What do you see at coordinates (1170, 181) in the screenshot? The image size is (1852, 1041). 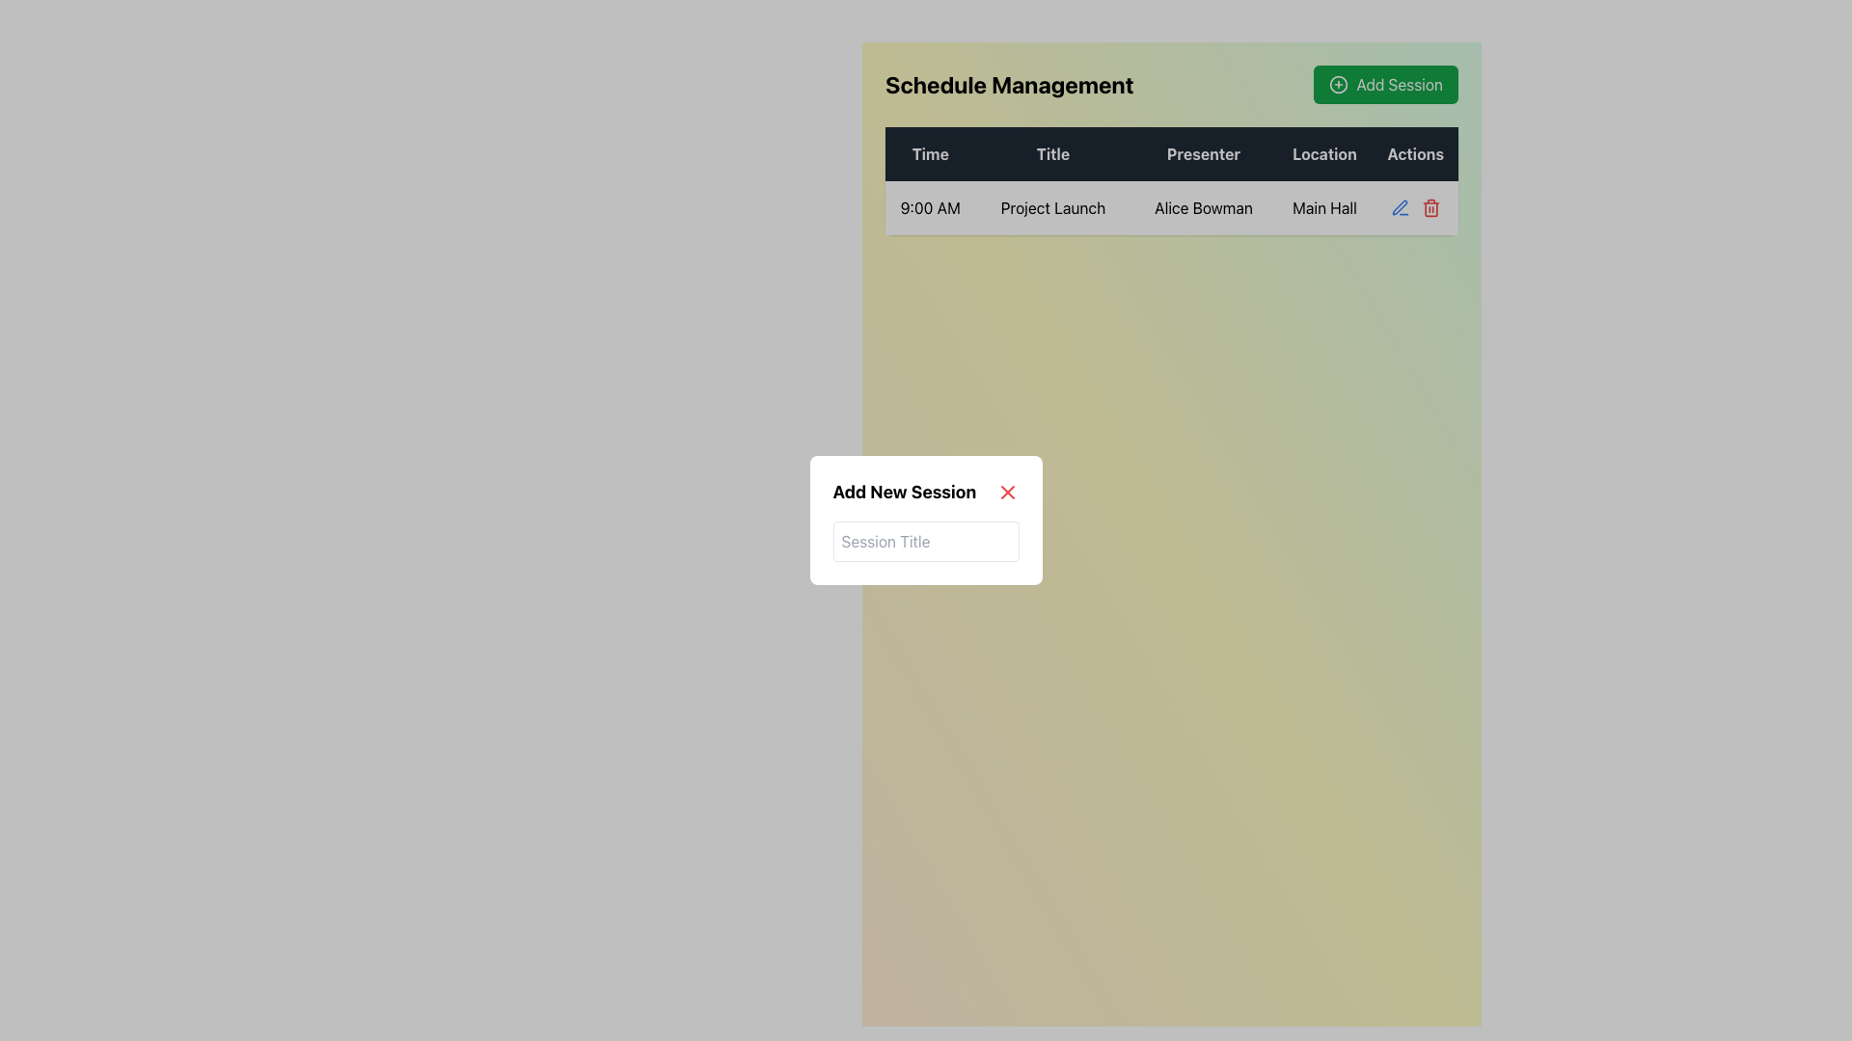 I see `the table row displaying scheduled event details including '9:00 AM', 'Project Launch', 'Alice Bowman', 'Main Hall' in the 'Schedule Management' section` at bounding box center [1170, 181].